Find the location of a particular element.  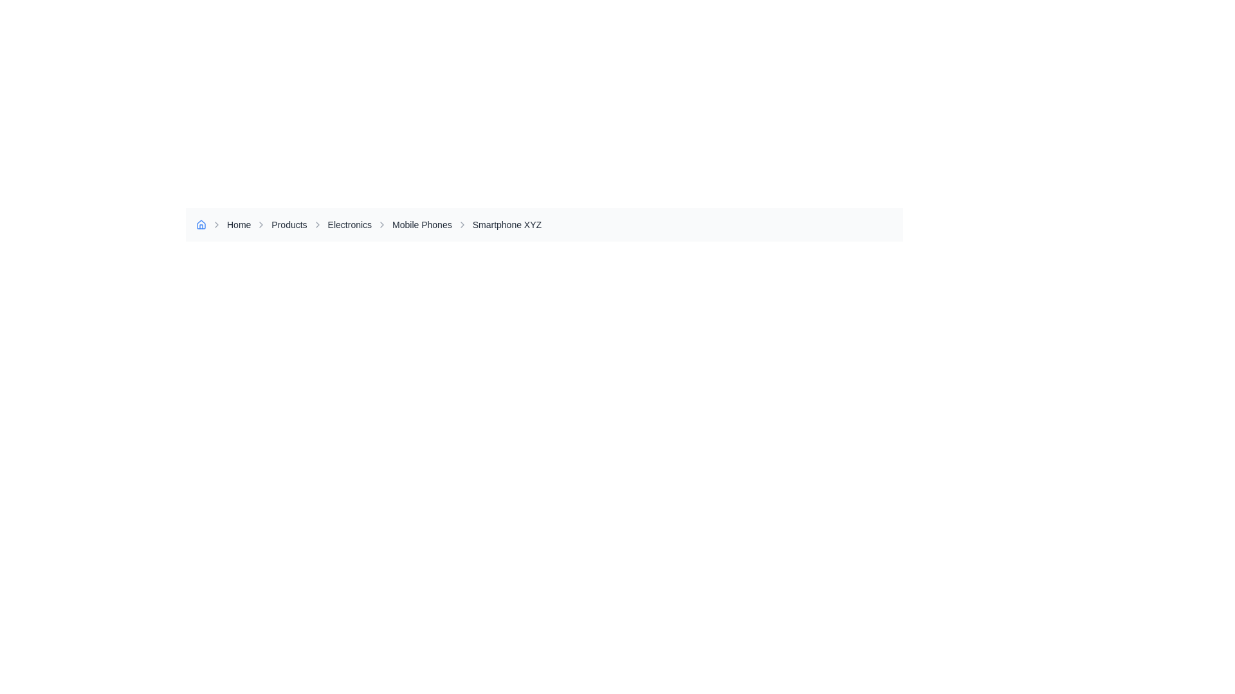

the Right-chevron icon located in the breadcrumb navigation bar, which serves as a visual indicator and separator for the 'Mobile Phones' hyperlink is located at coordinates (381, 224).